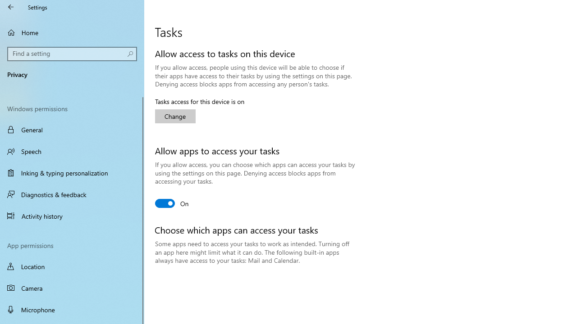 The height and width of the screenshot is (324, 577). What do you see at coordinates (72, 288) in the screenshot?
I see `'Camera'` at bounding box center [72, 288].